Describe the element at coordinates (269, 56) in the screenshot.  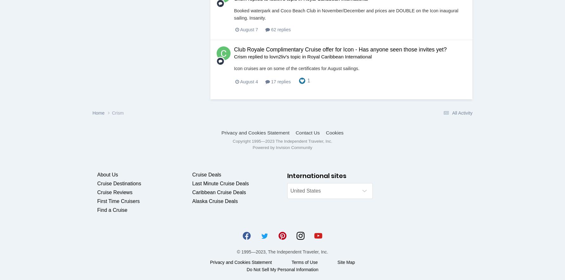
I see `'lovn2liv'` at that location.